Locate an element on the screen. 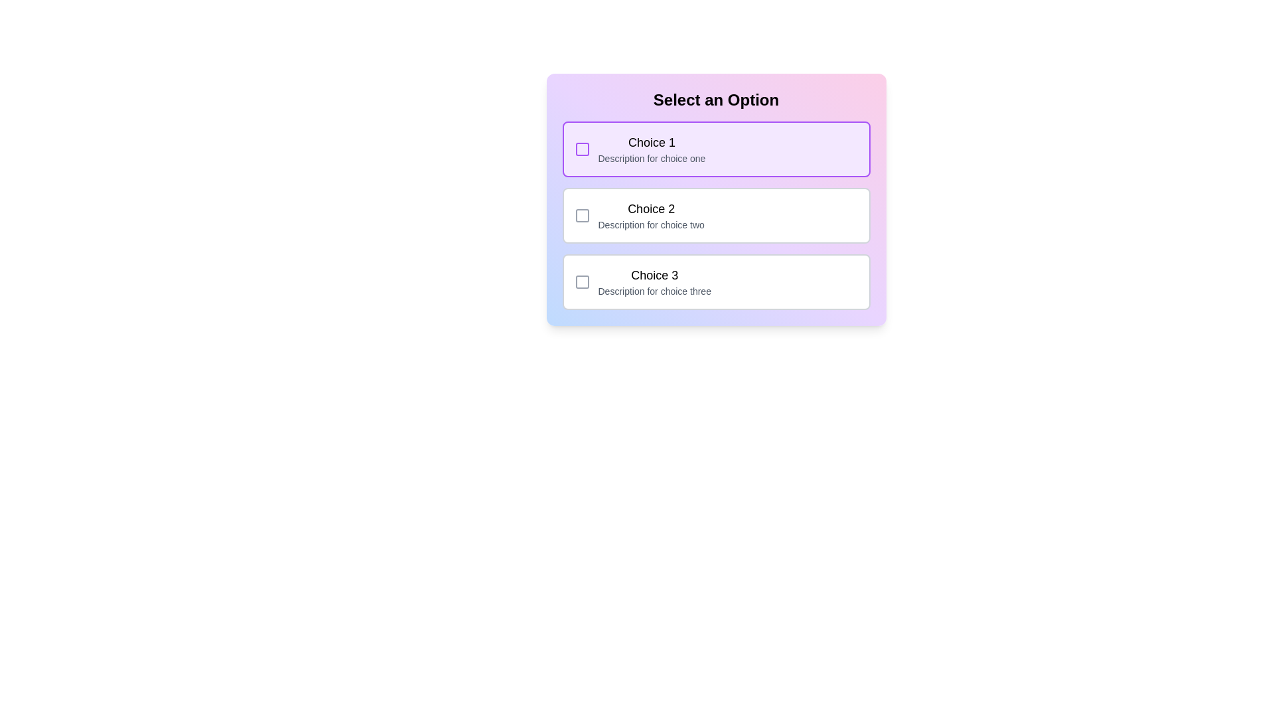  the descriptive text label positioned below the heading 'Choice 3' within the third selectable option box is located at coordinates (654, 291).